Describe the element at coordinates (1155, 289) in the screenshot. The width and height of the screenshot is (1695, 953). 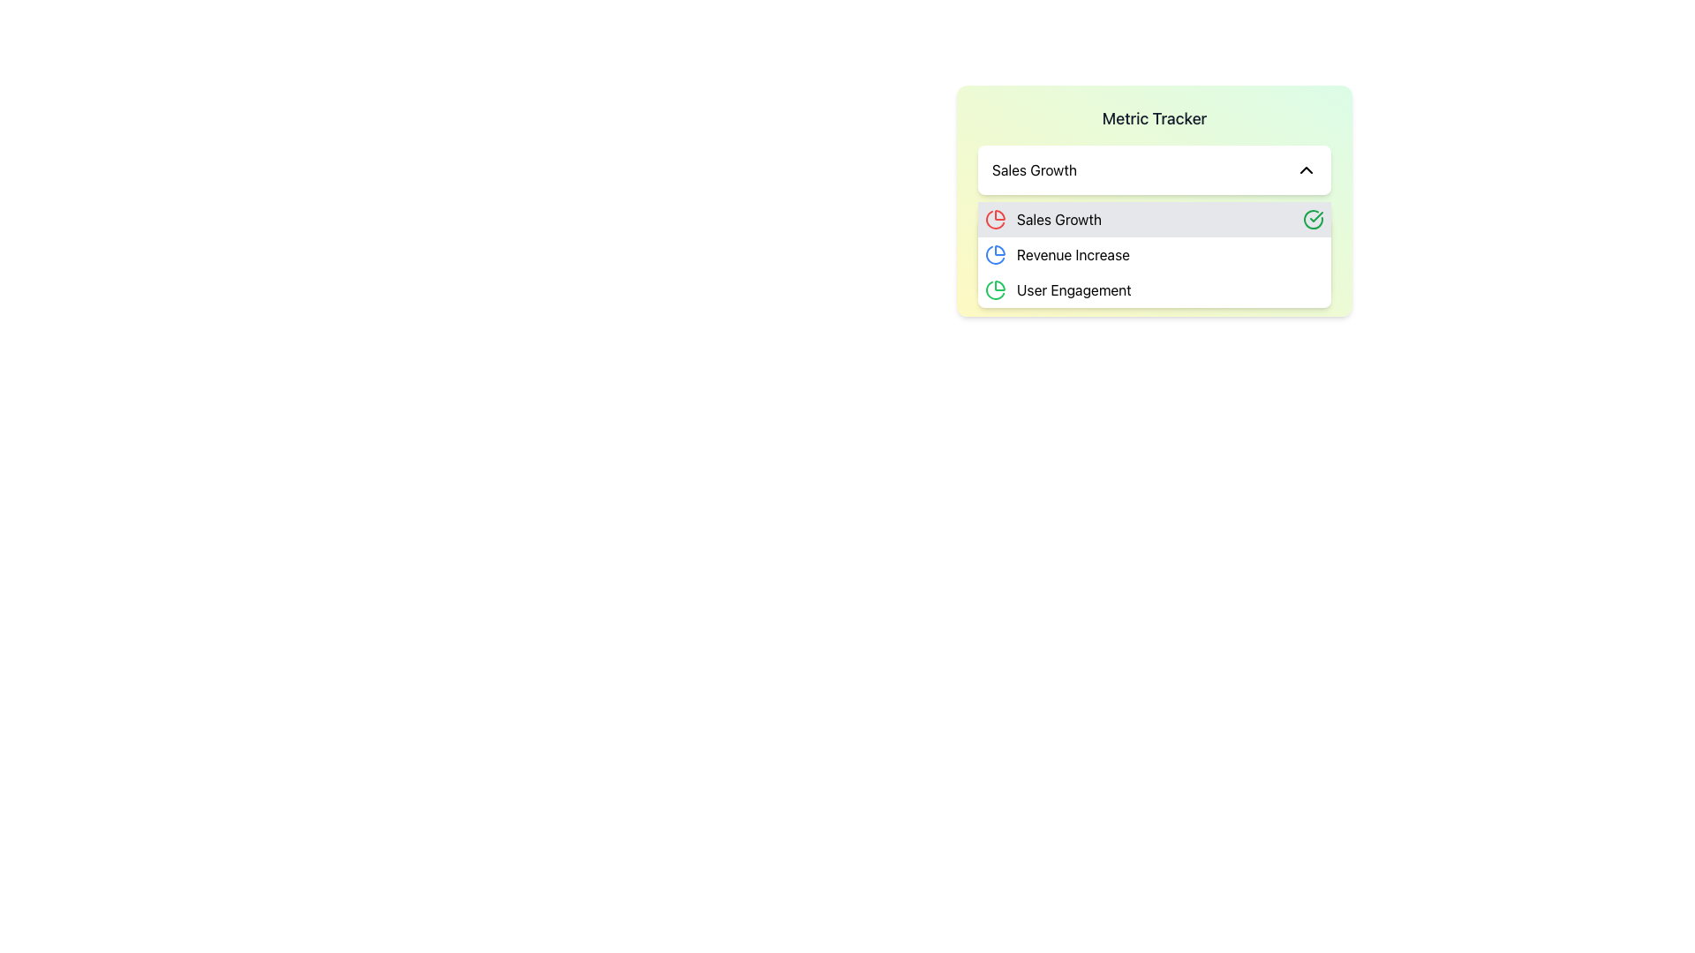
I see `the 'User Engagement' dropdown menu item, which is the third item in the dropdown menu located under 'Metric Tracker'` at that location.